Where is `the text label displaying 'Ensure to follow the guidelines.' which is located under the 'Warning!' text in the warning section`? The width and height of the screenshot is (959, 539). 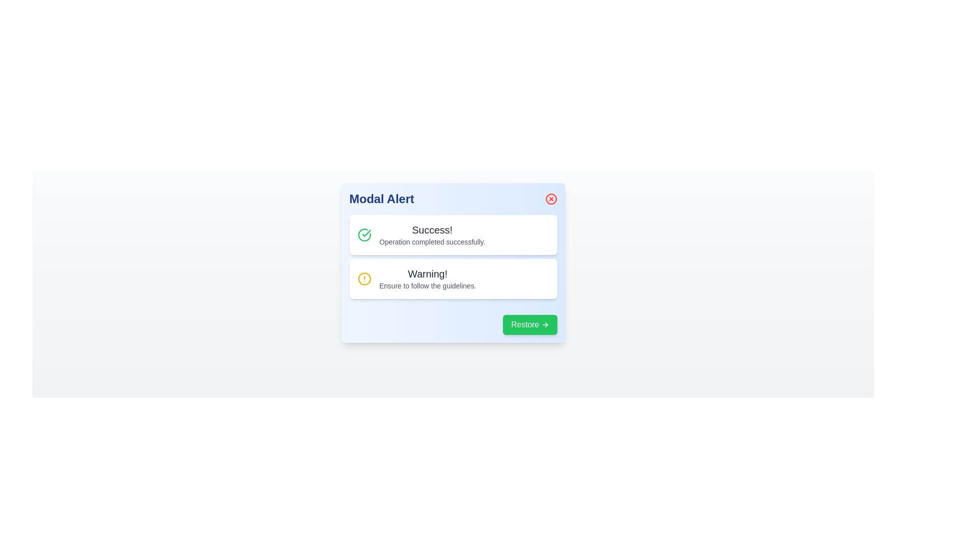
the text label displaying 'Ensure to follow the guidelines.' which is located under the 'Warning!' text in the warning section is located at coordinates (428, 286).